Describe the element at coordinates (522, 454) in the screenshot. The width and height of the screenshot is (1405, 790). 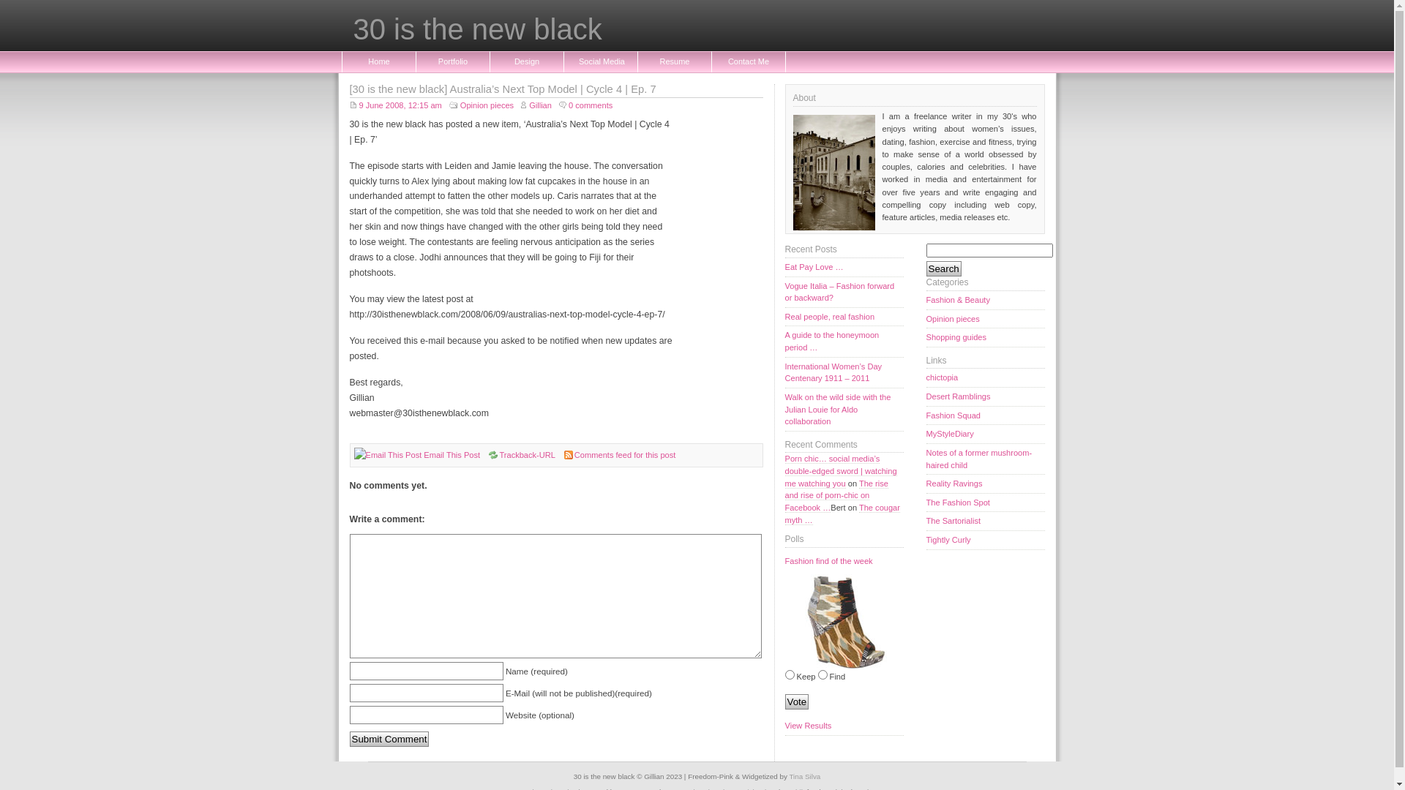
I see `'Trackback-URL'` at that location.